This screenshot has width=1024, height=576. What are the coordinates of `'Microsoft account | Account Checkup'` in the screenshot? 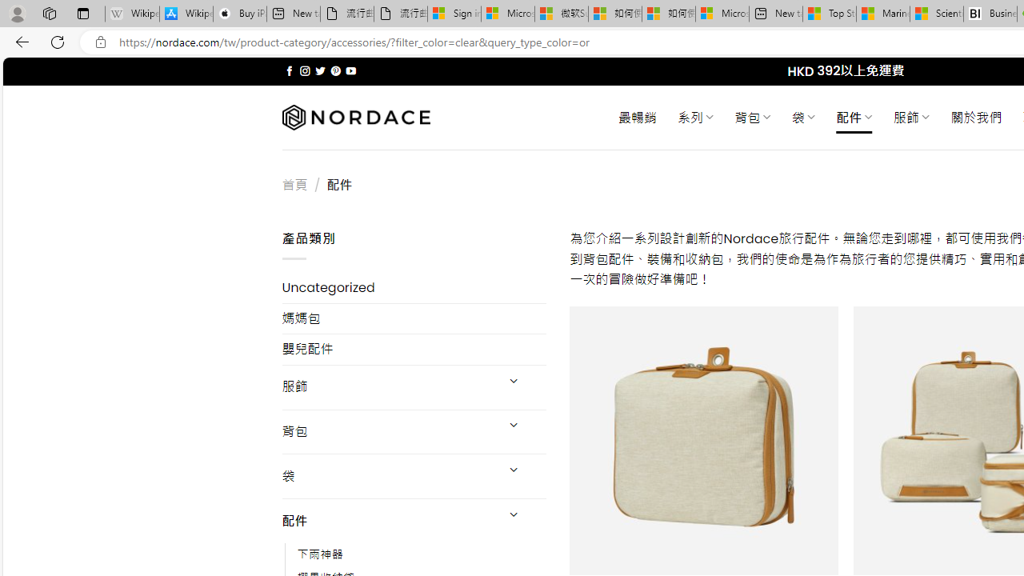 It's located at (722, 14).